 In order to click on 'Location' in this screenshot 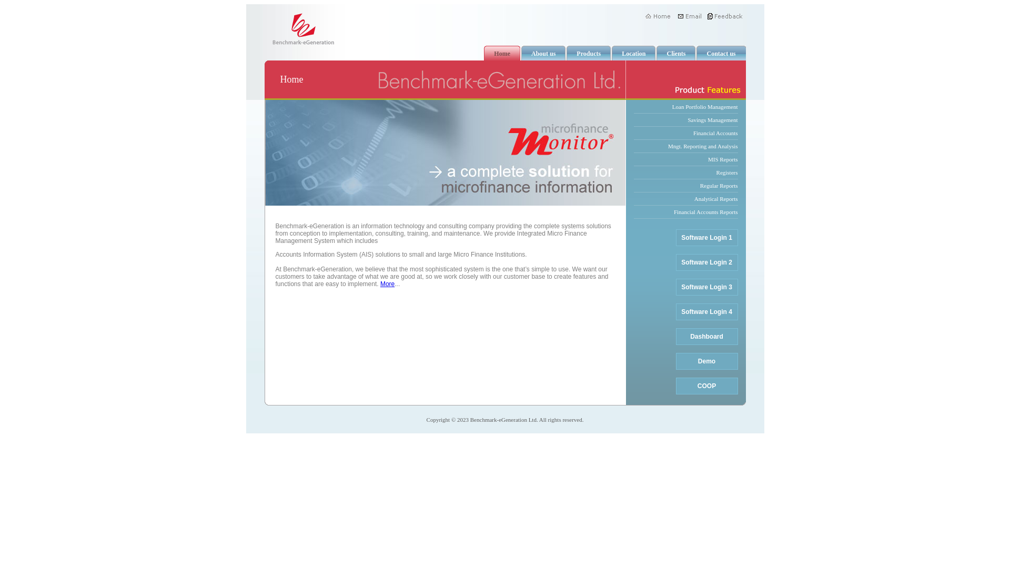, I will do `click(635, 53)`.